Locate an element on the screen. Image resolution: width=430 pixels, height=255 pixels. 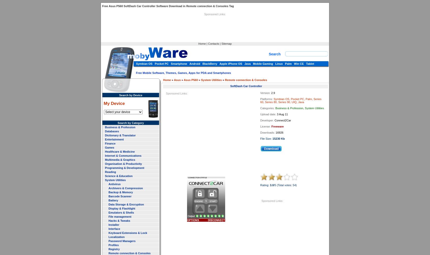
'Business & Profession, System Utilities' is located at coordinates (275, 108).